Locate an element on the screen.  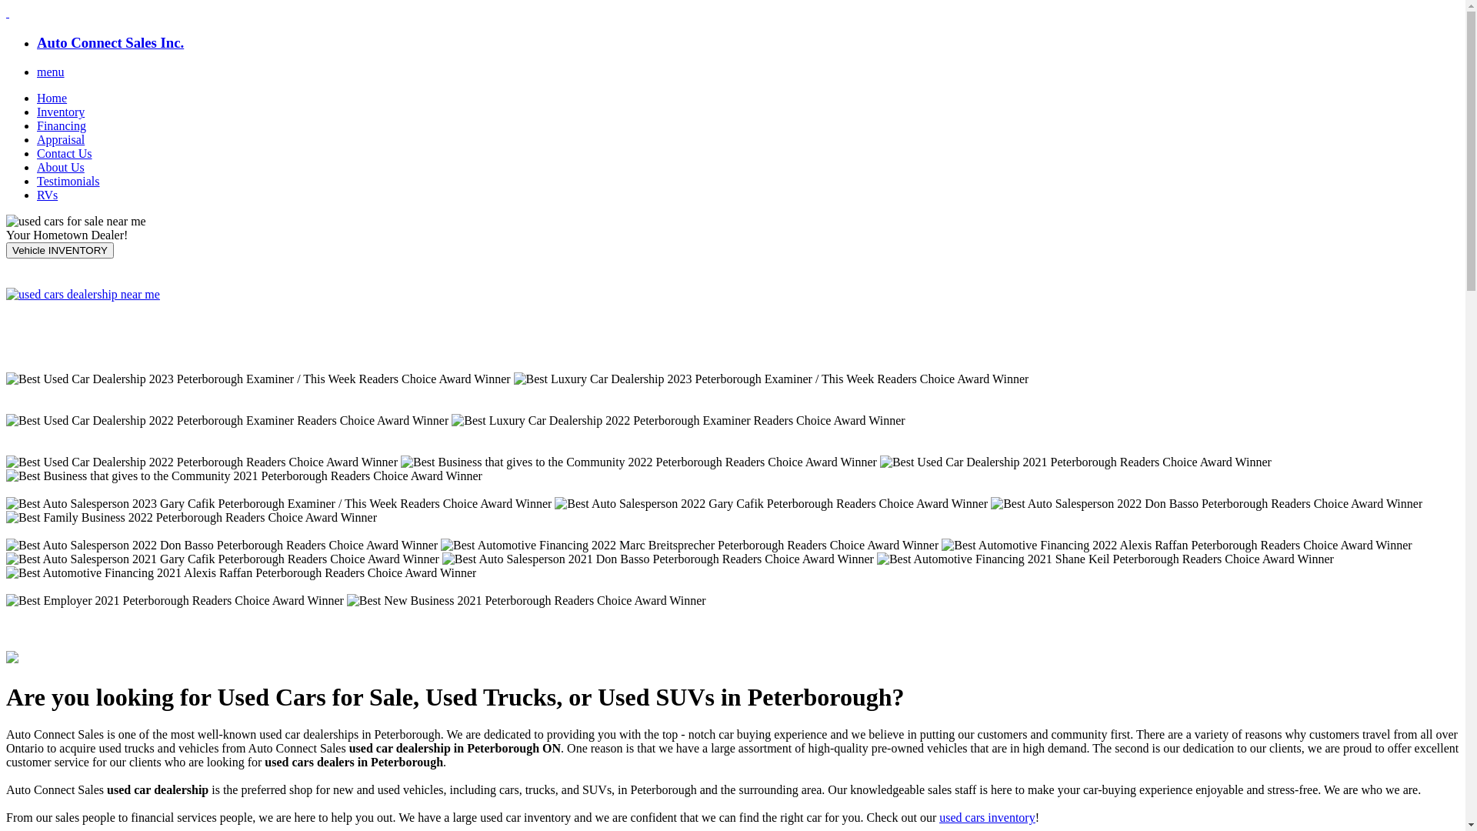
'Contact Us' is located at coordinates (63, 153).